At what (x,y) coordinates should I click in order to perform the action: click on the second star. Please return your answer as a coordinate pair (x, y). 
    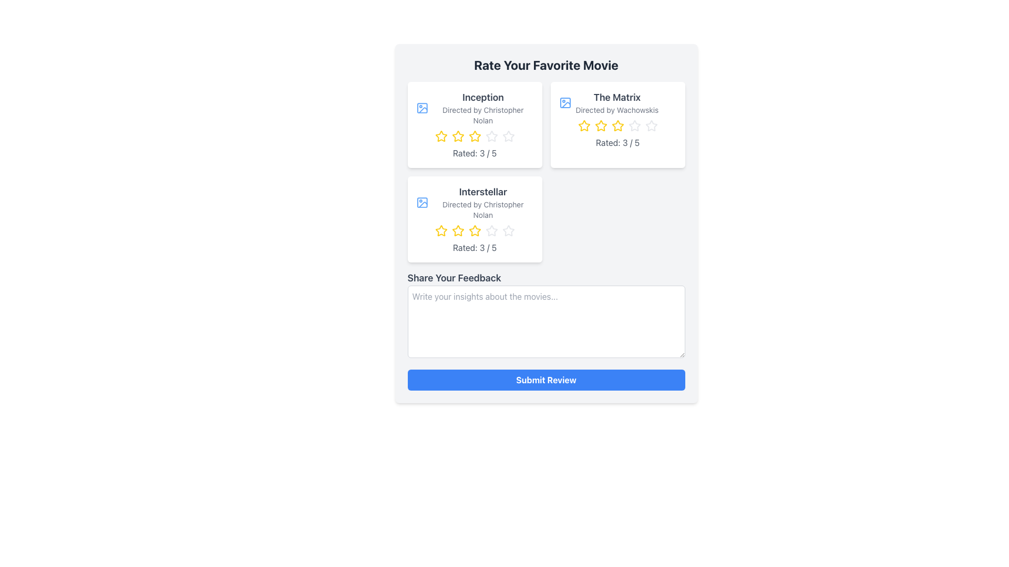
    Looking at the image, I should click on (458, 135).